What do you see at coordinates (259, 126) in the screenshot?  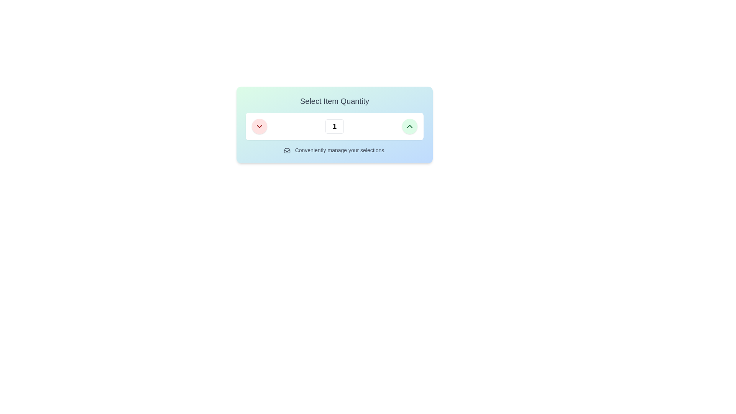 I see `the decrease button located to the left of the text field displaying the value '1'` at bounding box center [259, 126].